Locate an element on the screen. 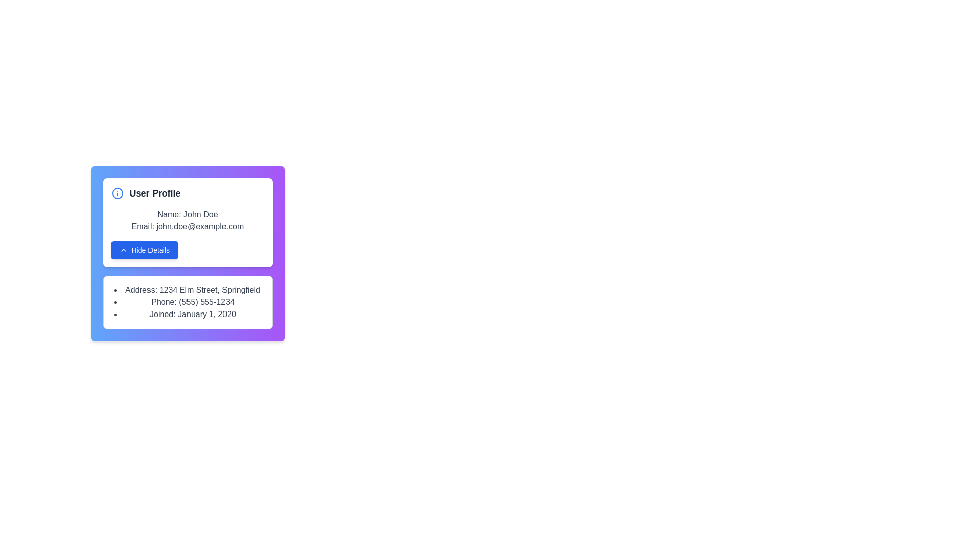 The width and height of the screenshot is (973, 547). the circular blue information icon located to the left of the 'User Profile' title is located at coordinates (117, 193).